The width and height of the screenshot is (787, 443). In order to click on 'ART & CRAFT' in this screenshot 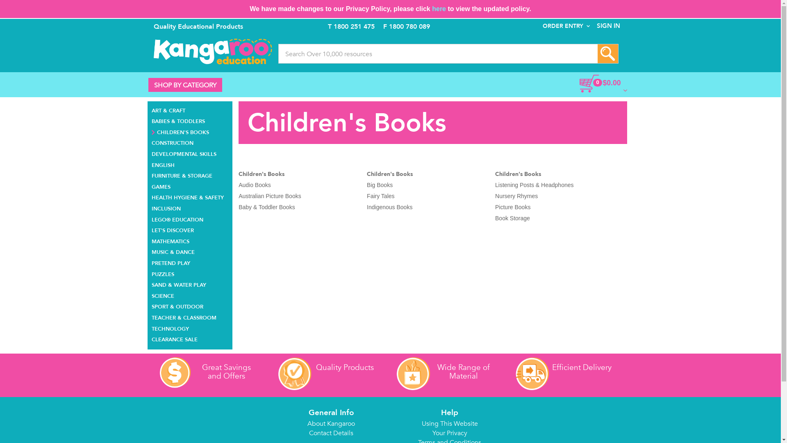, I will do `click(168, 109)`.